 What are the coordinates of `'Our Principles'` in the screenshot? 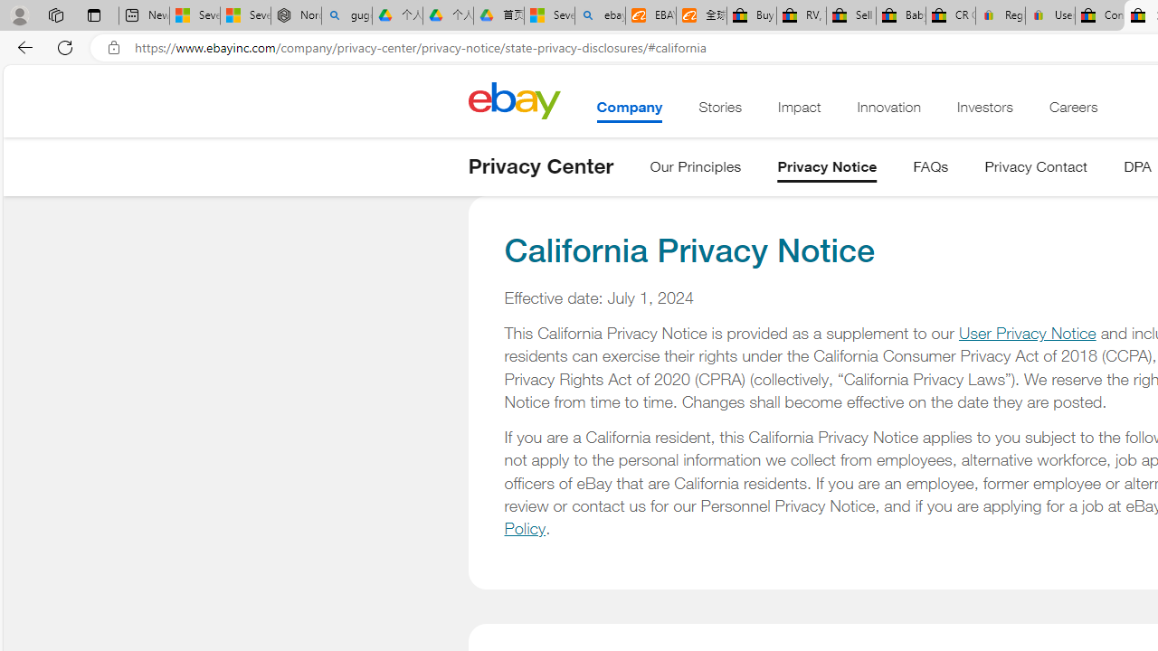 It's located at (695, 170).